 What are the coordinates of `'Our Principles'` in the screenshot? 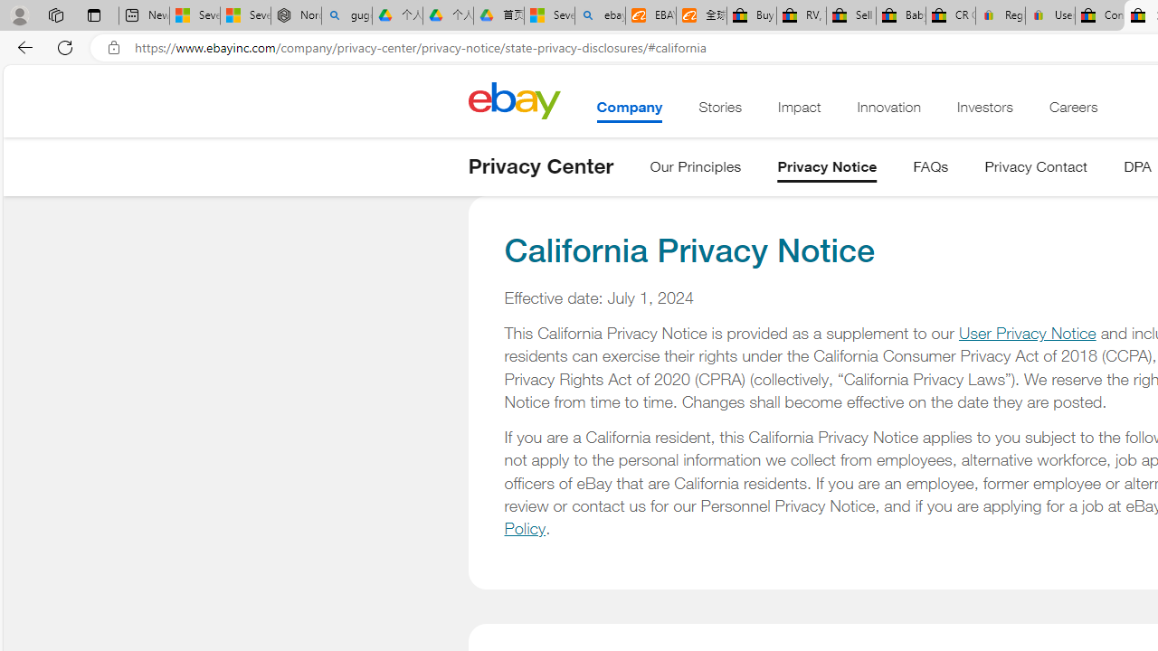 It's located at (695, 170).